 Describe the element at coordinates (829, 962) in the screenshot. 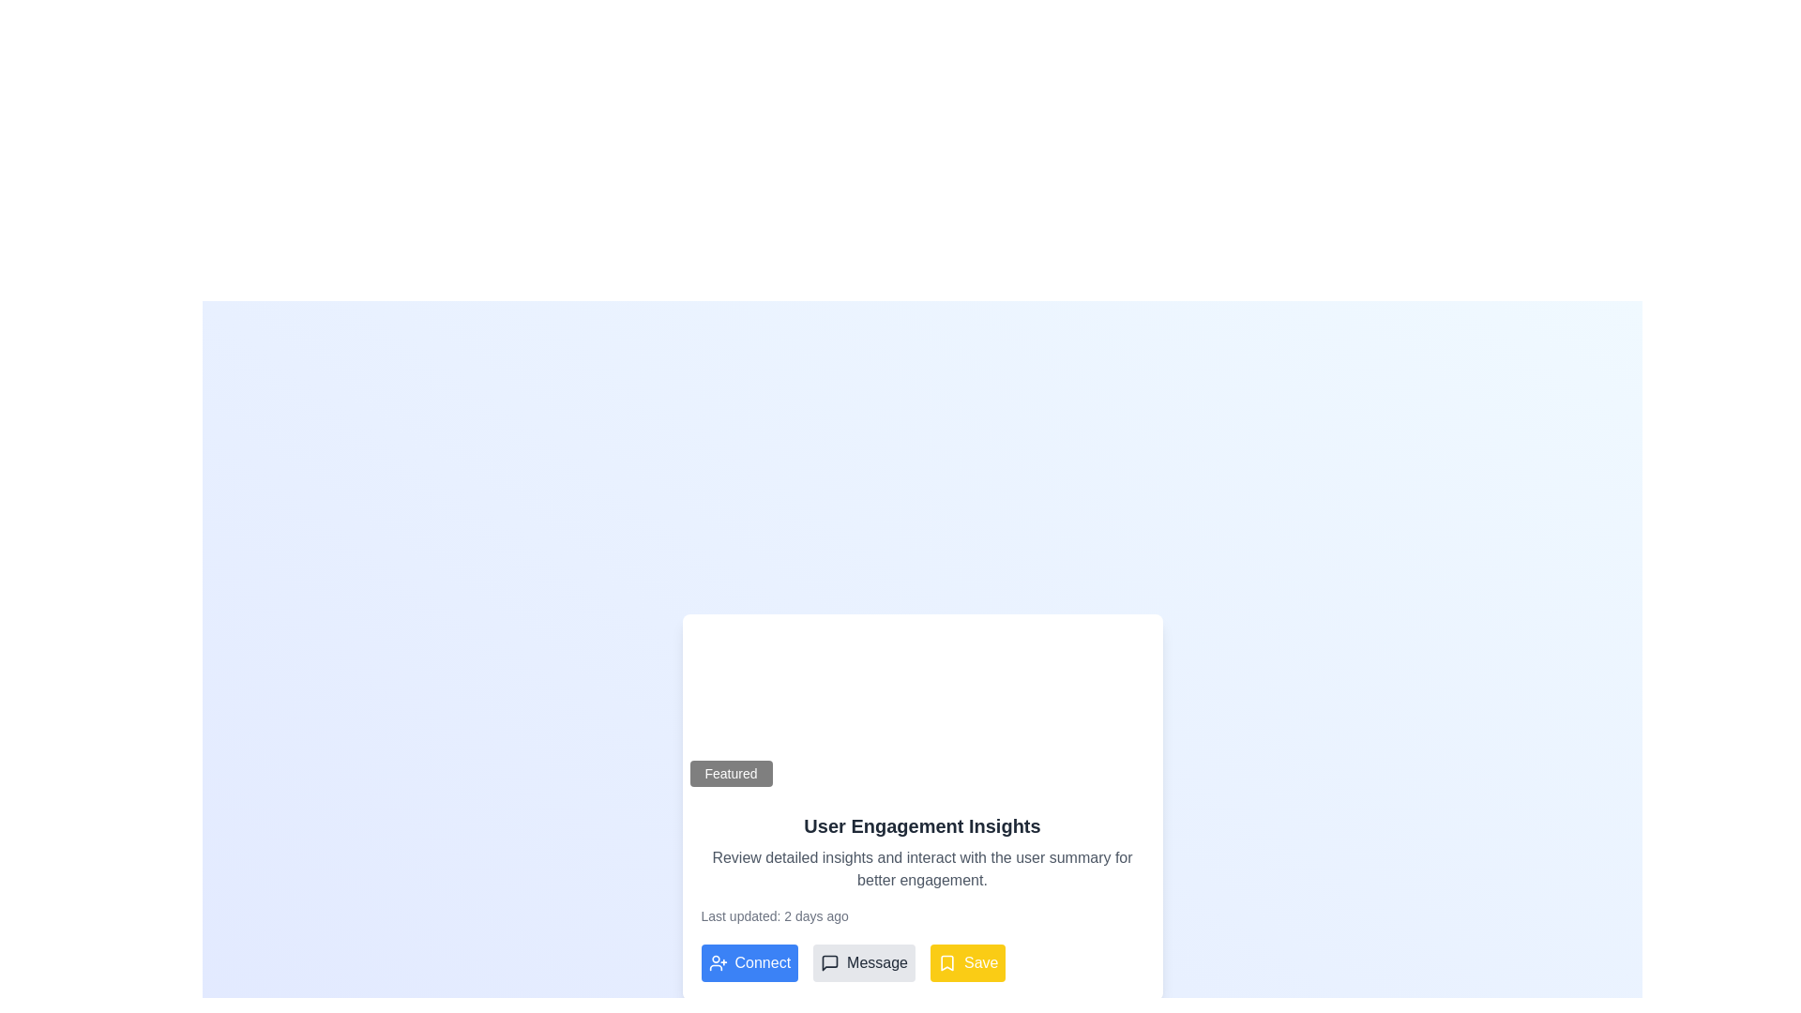

I see `the details of the 'Message' icon positioned within the 'Message' button located at the bottom of the card under 'User Engagement Insights'` at that location.